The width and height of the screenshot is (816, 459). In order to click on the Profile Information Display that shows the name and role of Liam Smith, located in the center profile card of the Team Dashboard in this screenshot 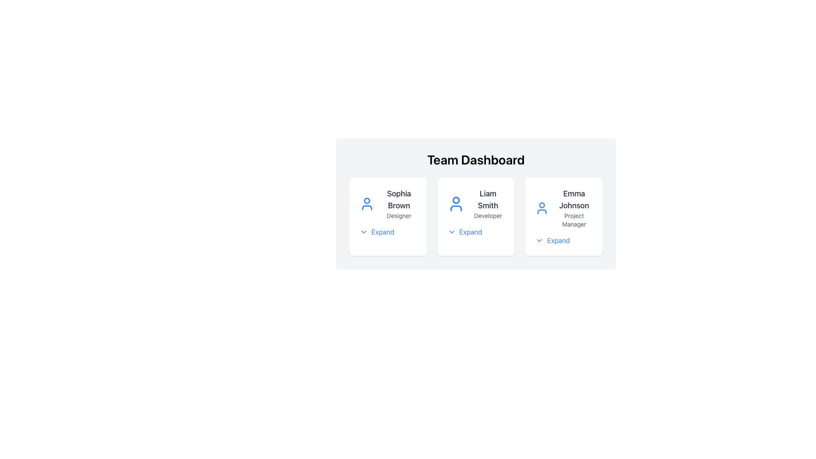, I will do `click(475, 204)`.